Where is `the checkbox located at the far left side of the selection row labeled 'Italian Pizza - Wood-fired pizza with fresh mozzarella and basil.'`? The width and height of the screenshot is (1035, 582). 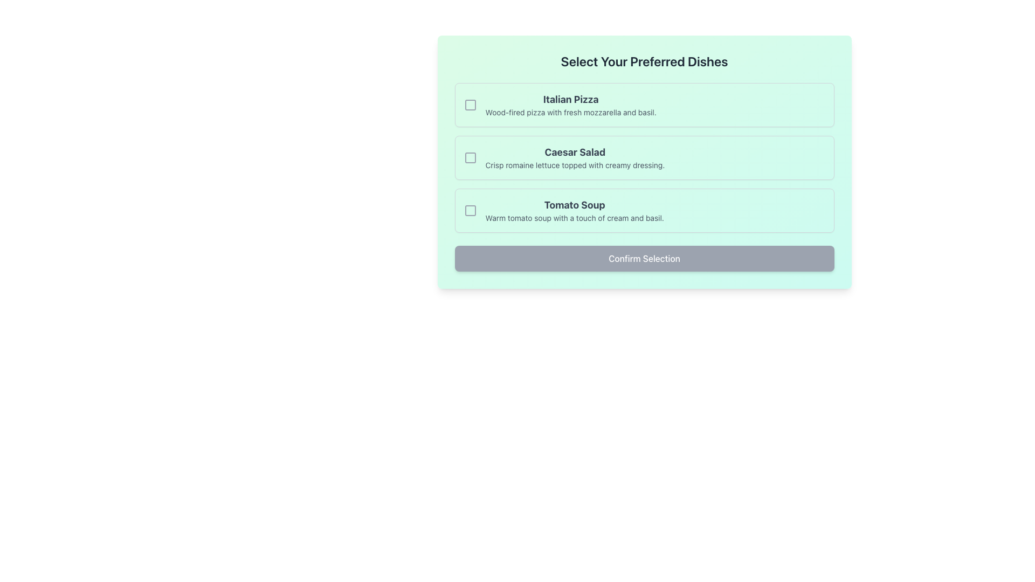 the checkbox located at the far left side of the selection row labeled 'Italian Pizza - Wood-fired pizza with fresh mozzarella and basil.' is located at coordinates (470, 105).